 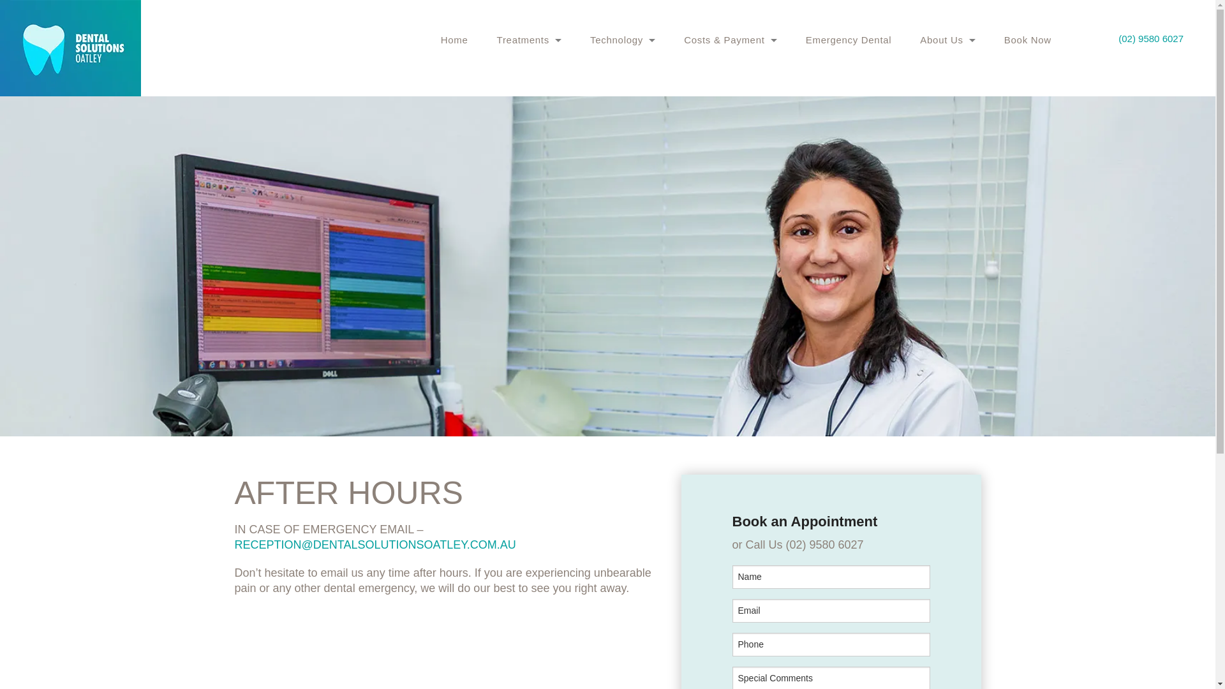 What do you see at coordinates (454, 39) in the screenshot?
I see `'Home'` at bounding box center [454, 39].